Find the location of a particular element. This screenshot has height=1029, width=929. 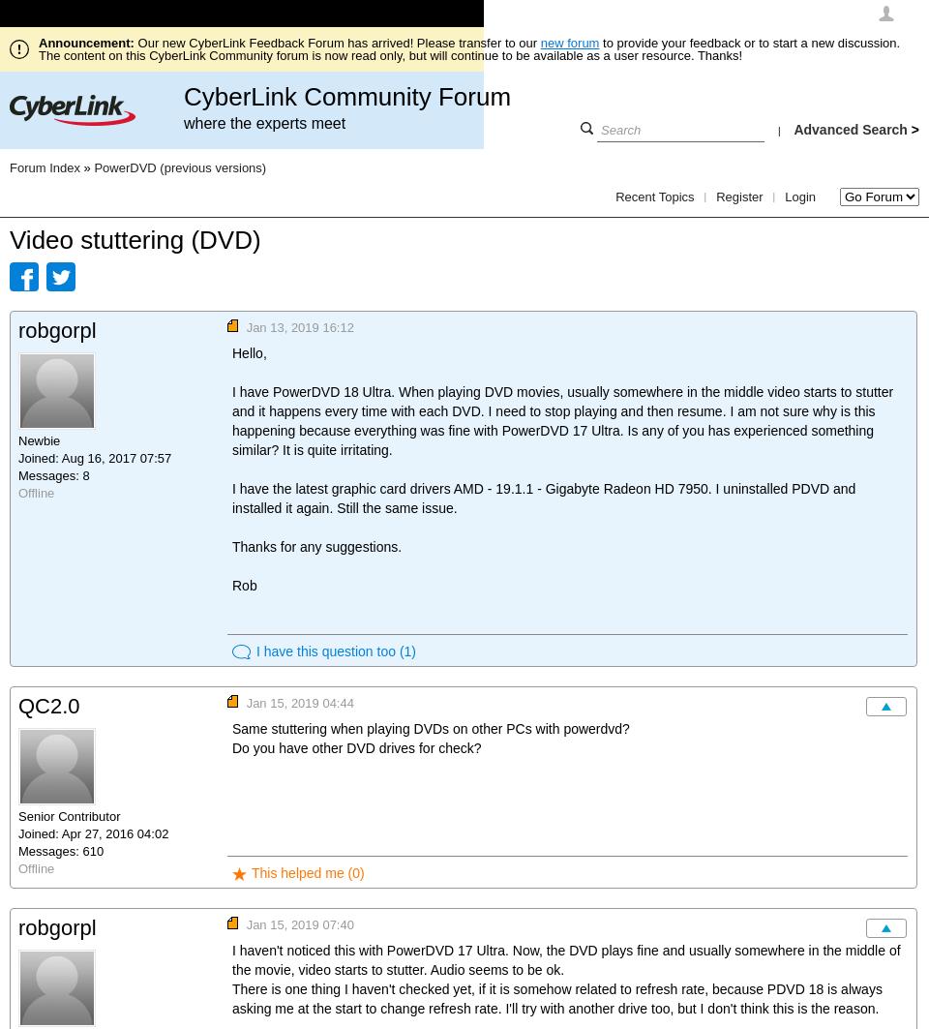

'There is one thing I haven't checked yet, if it is somehow related to refresh rate, because PDVD 18 is always asking me at the start to change refresh rate. I'll try with another drive too, but I don't think this is the reason.' is located at coordinates (556, 997).